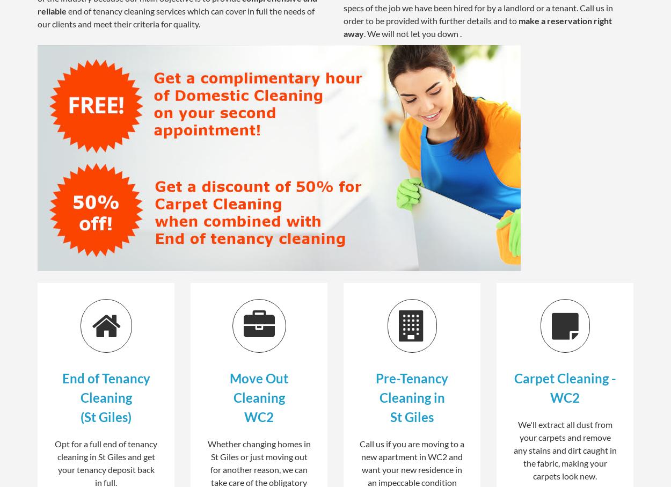 Image resolution: width=671 pixels, height=487 pixels. What do you see at coordinates (478, 26) in the screenshot?
I see `'make a reservation right away'` at bounding box center [478, 26].